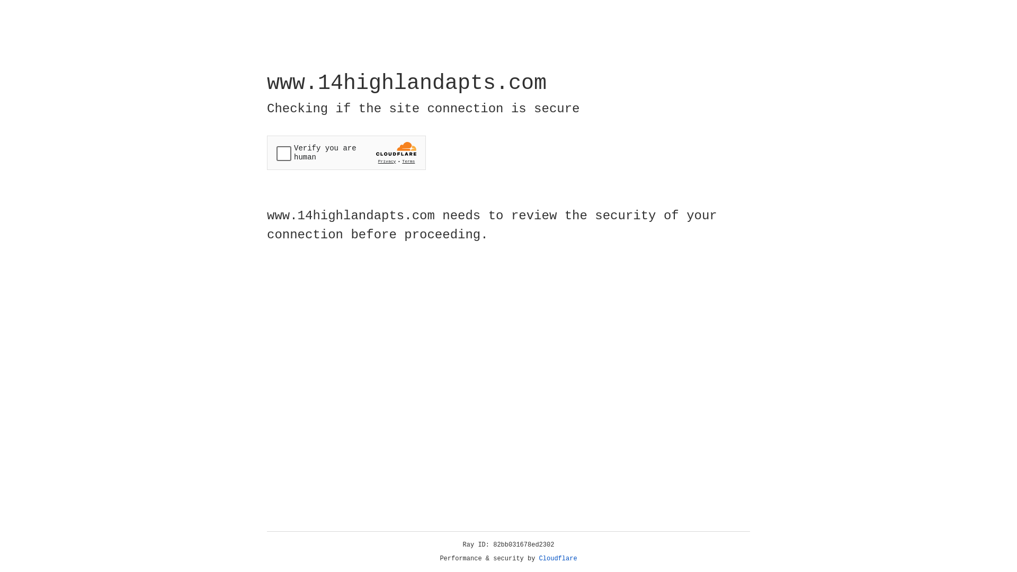  I want to click on 'Widget containing a Cloudflare security challenge', so click(346, 153).